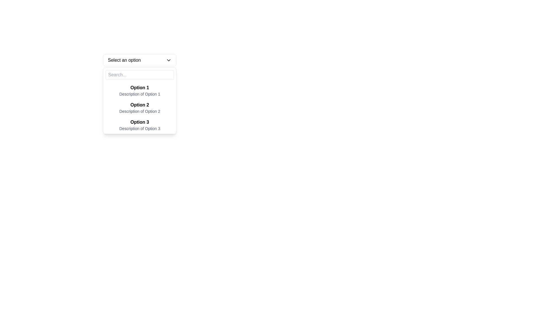 The image size is (551, 310). What do you see at coordinates (139, 108) in the screenshot?
I see `the 'Option 2' dropdown menu item, which has a bolded title and a smaller gray description beneath it` at bounding box center [139, 108].